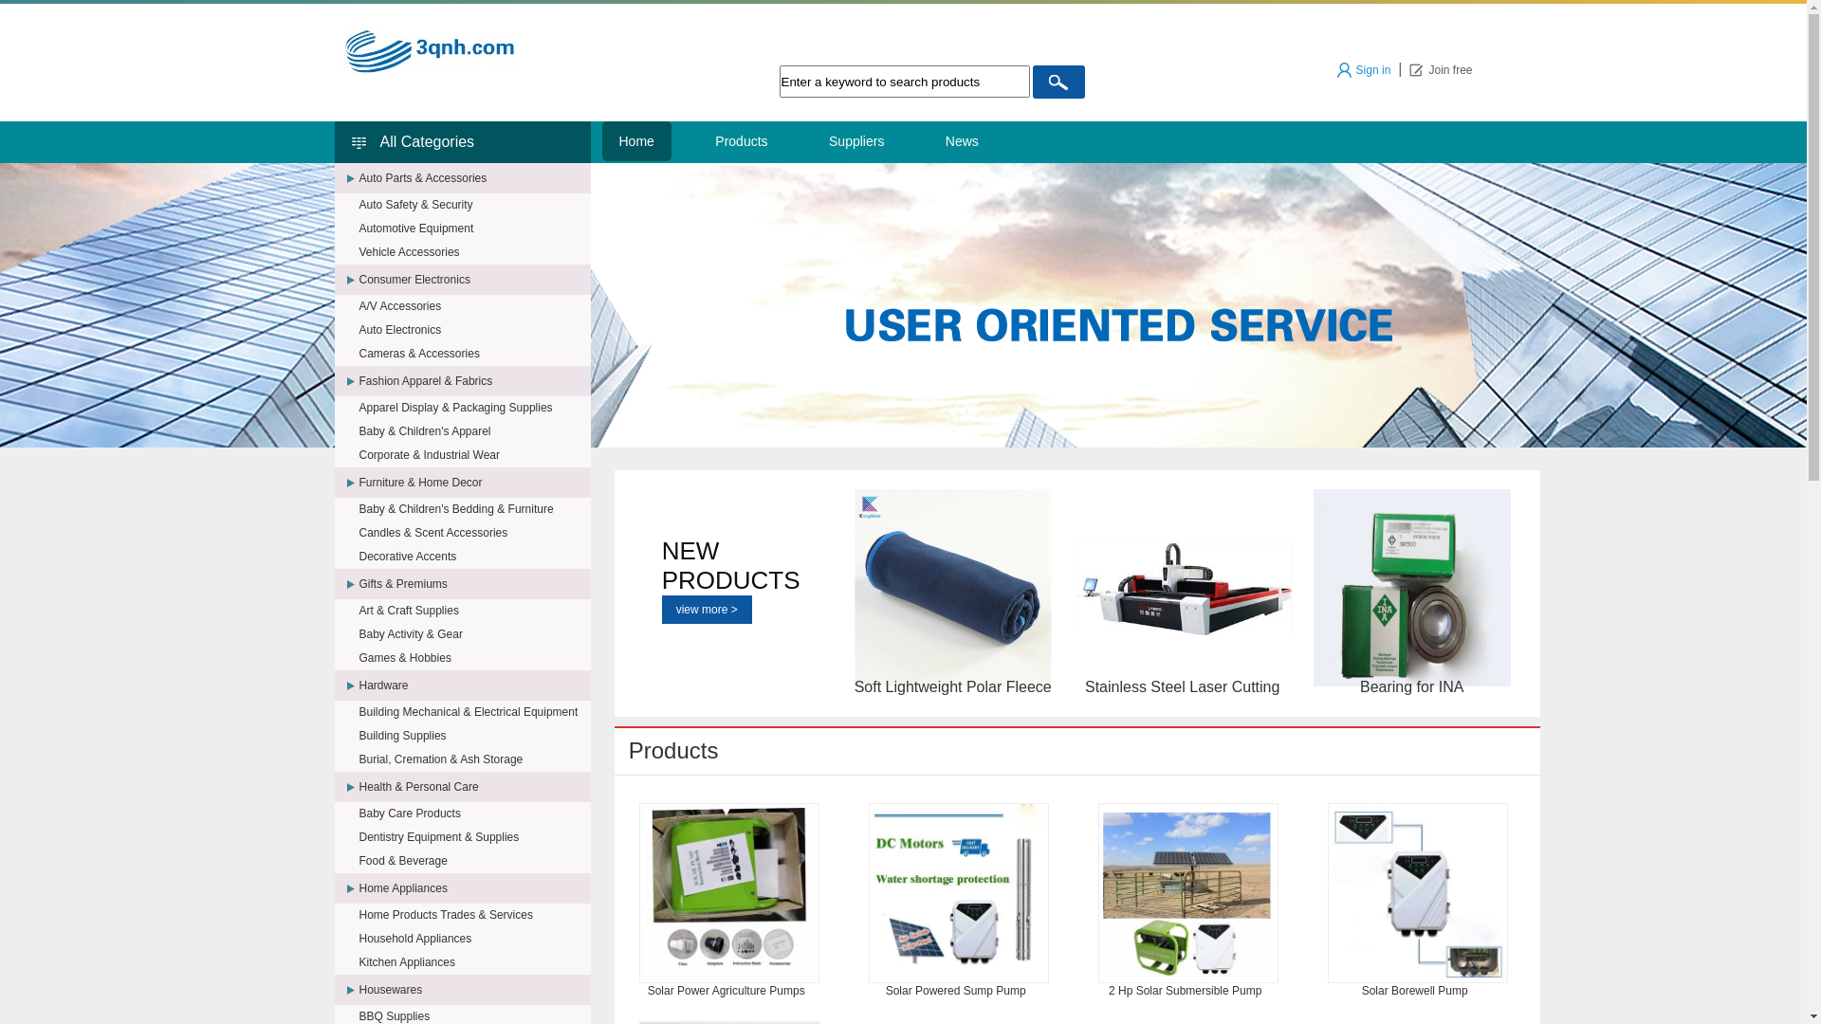 Image resolution: width=1821 pixels, height=1024 pixels. What do you see at coordinates (1440, 68) in the screenshot?
I see `'Join free'` at bounding box center [1440, 68].